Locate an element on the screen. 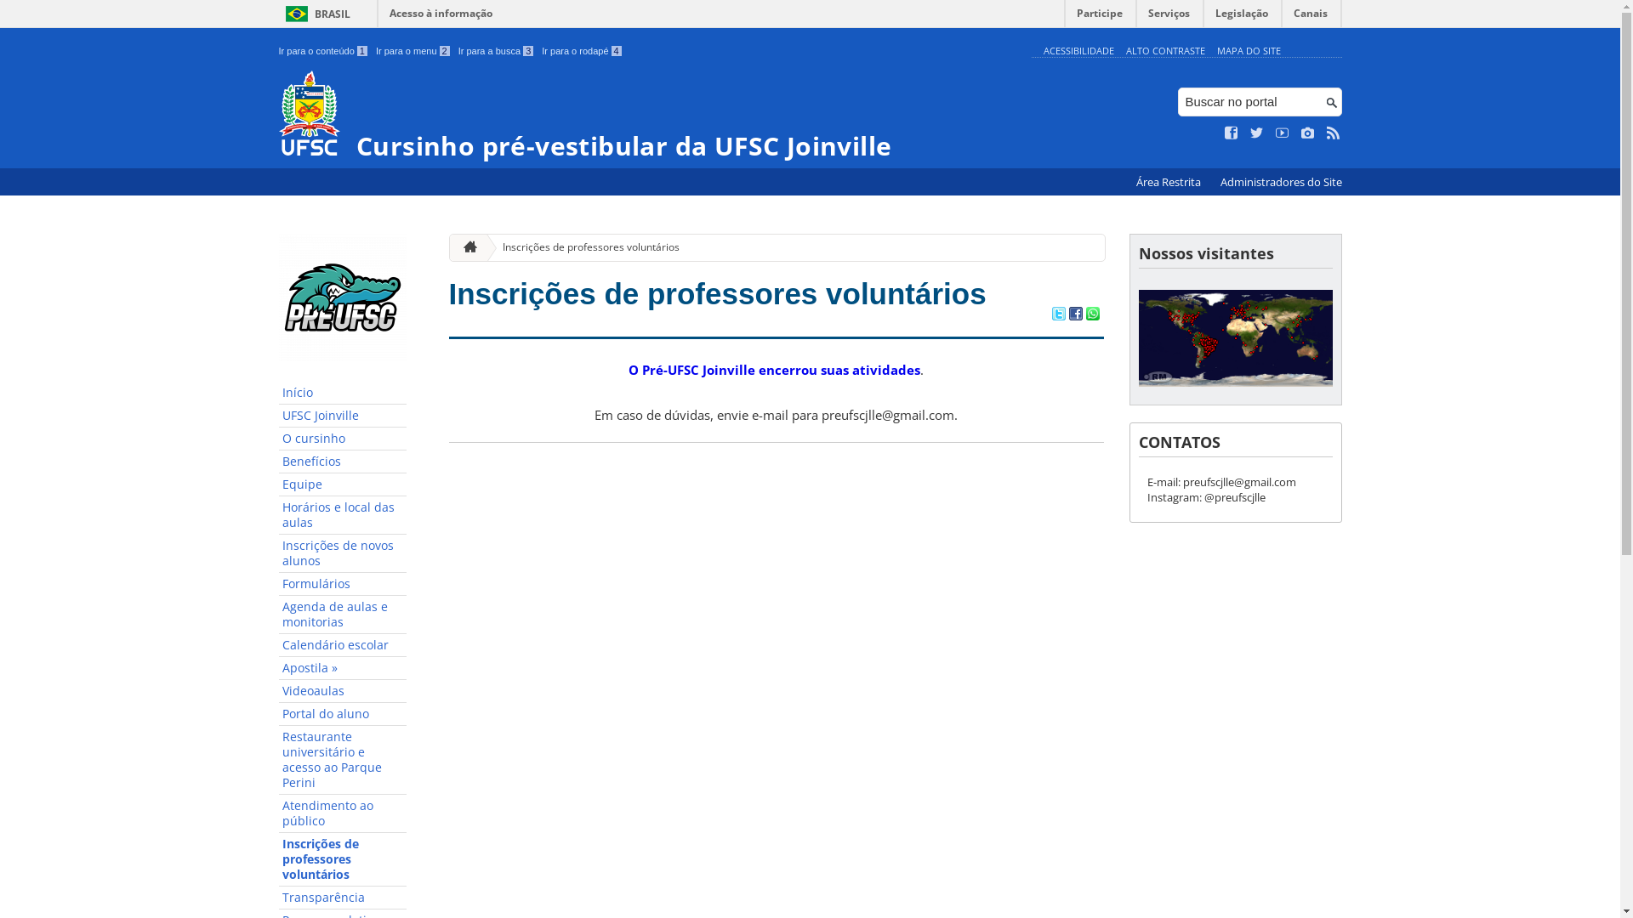  'Videoaulas' is located at coordinates (342, 691).